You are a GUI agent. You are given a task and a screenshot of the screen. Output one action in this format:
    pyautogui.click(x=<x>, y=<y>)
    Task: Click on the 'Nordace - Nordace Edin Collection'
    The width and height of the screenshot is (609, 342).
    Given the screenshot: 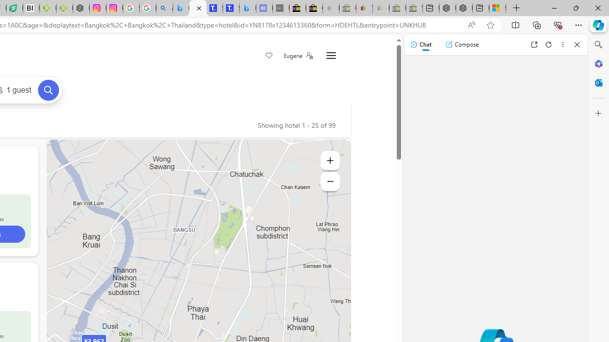 What is the action you would take?
    pyautogui.click(x=81, y=8)
    